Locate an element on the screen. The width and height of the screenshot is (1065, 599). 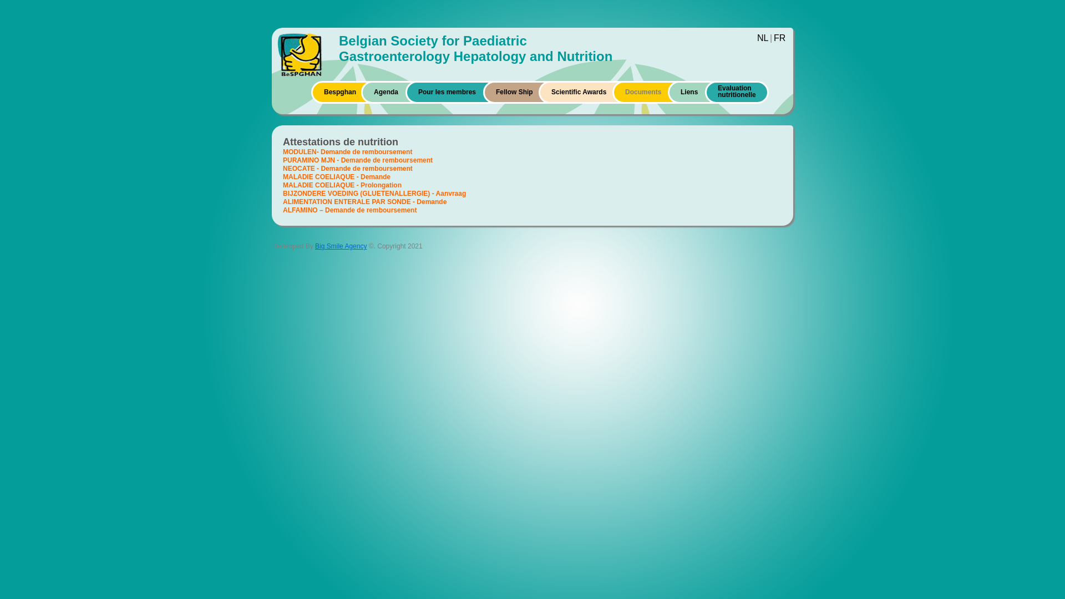
'Fellow Ship' is located at coordinates (495, 91).